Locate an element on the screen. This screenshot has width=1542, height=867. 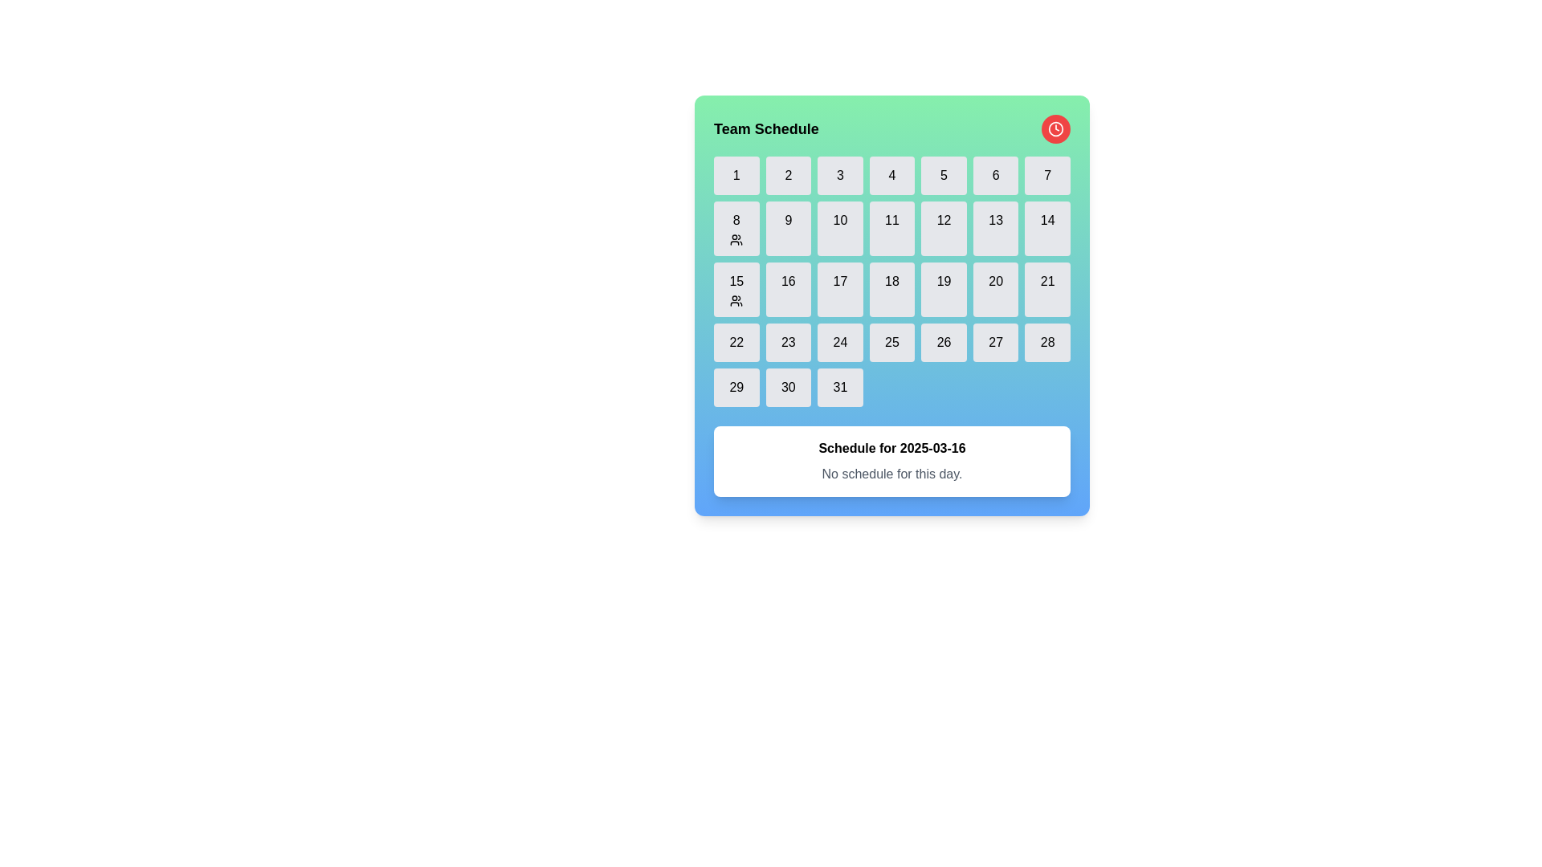
the button labeled '6' in the 'Team Schedule' grid is located at coordinates (995, 176).